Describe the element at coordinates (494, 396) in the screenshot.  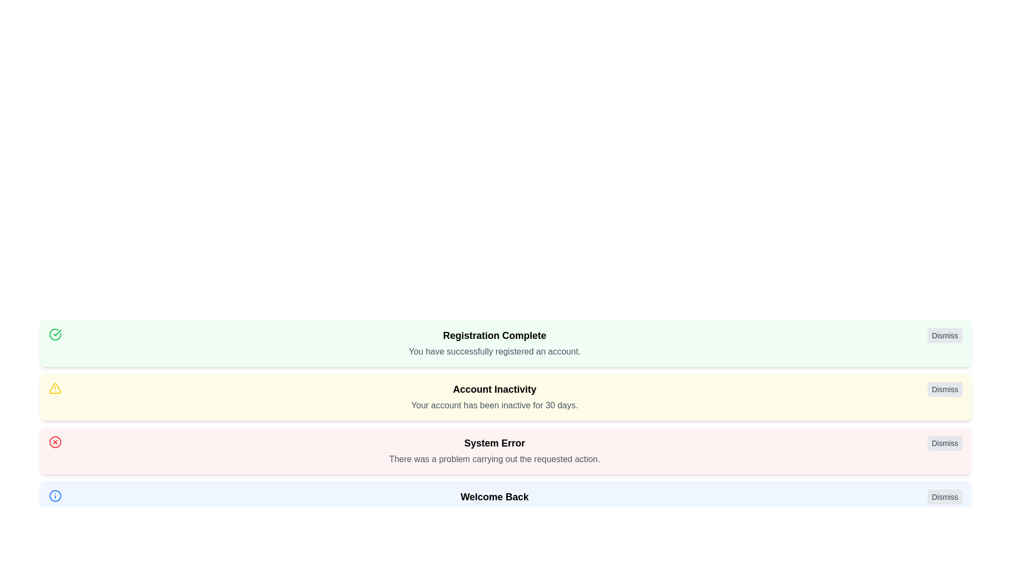
I see `the text display element titled 'Account Inactivity' which shows a message about account inactivity, distinguished by a light yellow background` at that location.